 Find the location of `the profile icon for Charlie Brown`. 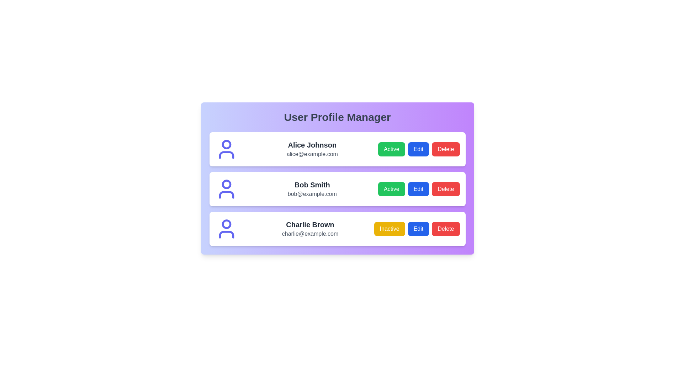

the profile icon for Charlie Brown is located at coordinates (226, 229).